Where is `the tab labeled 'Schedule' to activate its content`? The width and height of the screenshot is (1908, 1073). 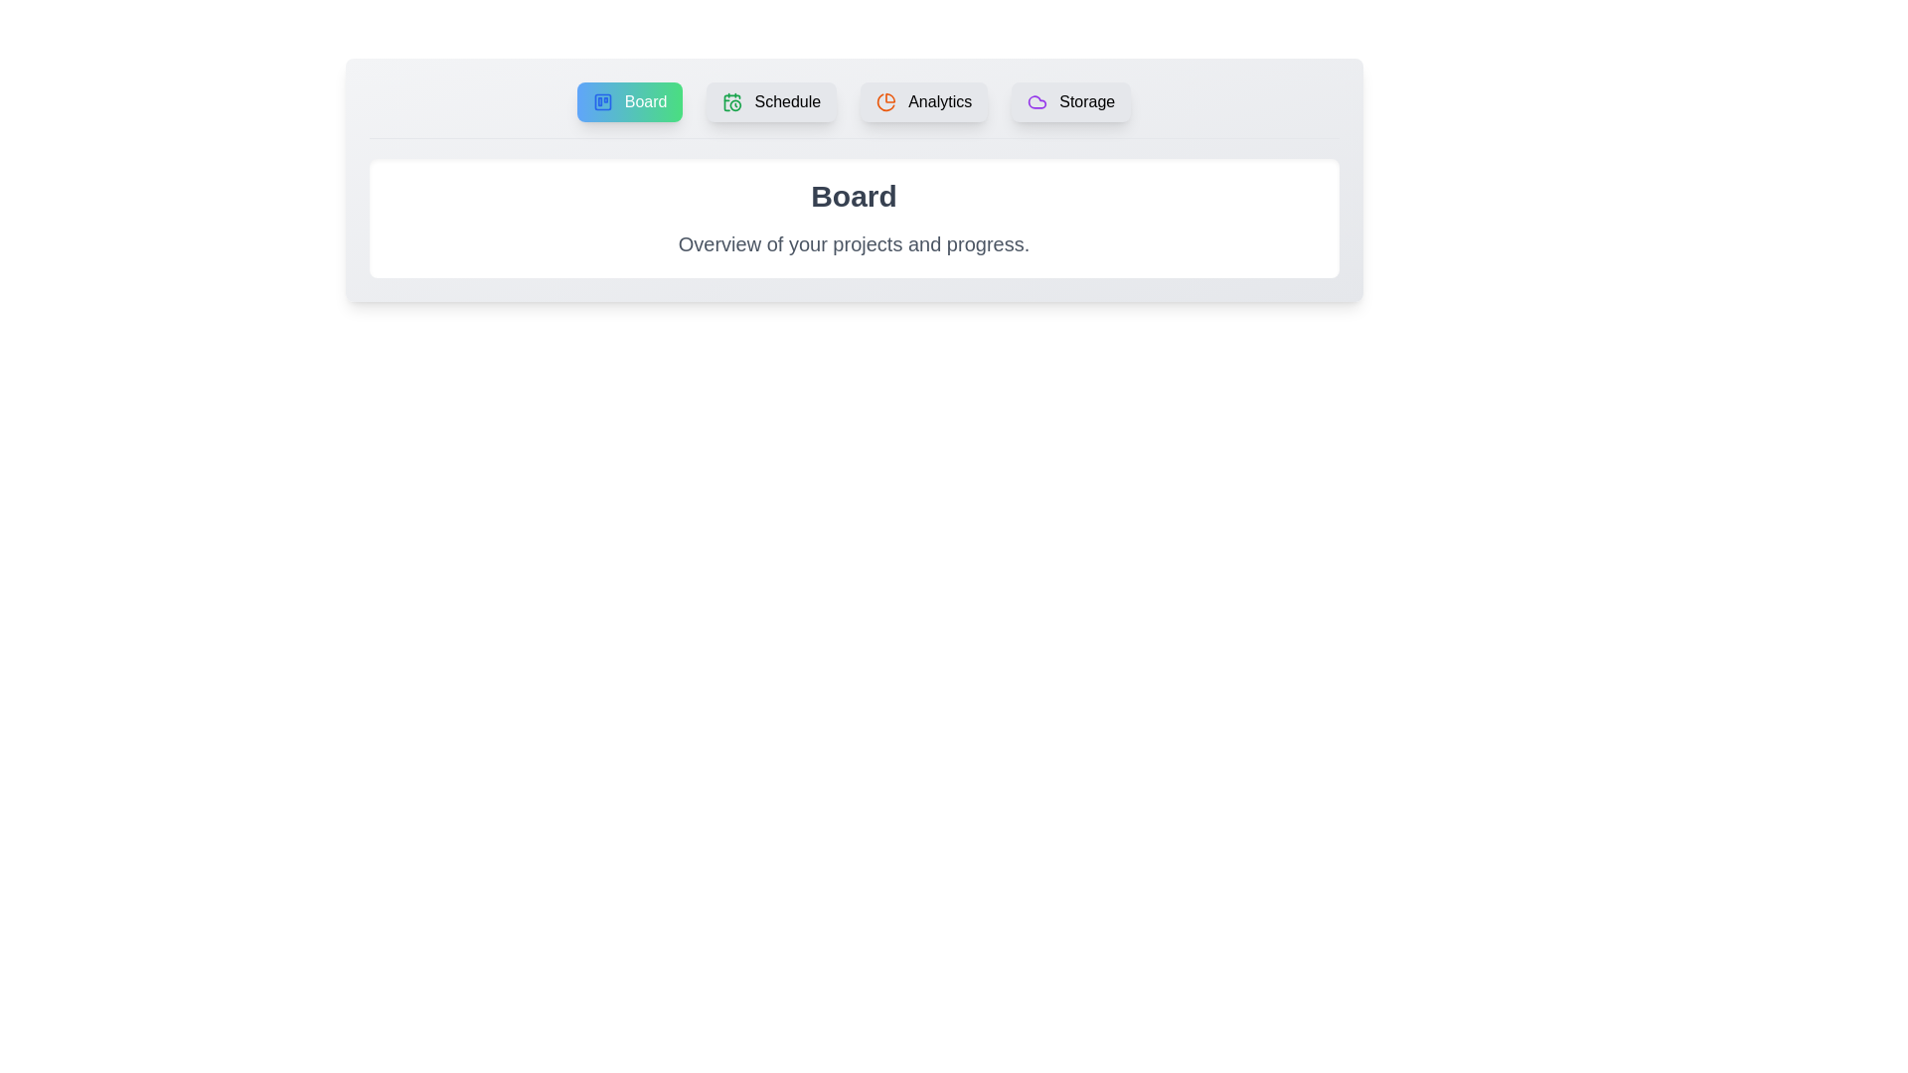 the tab labeled 'Schedule' to activate its content is located at coordinates (770, 102).